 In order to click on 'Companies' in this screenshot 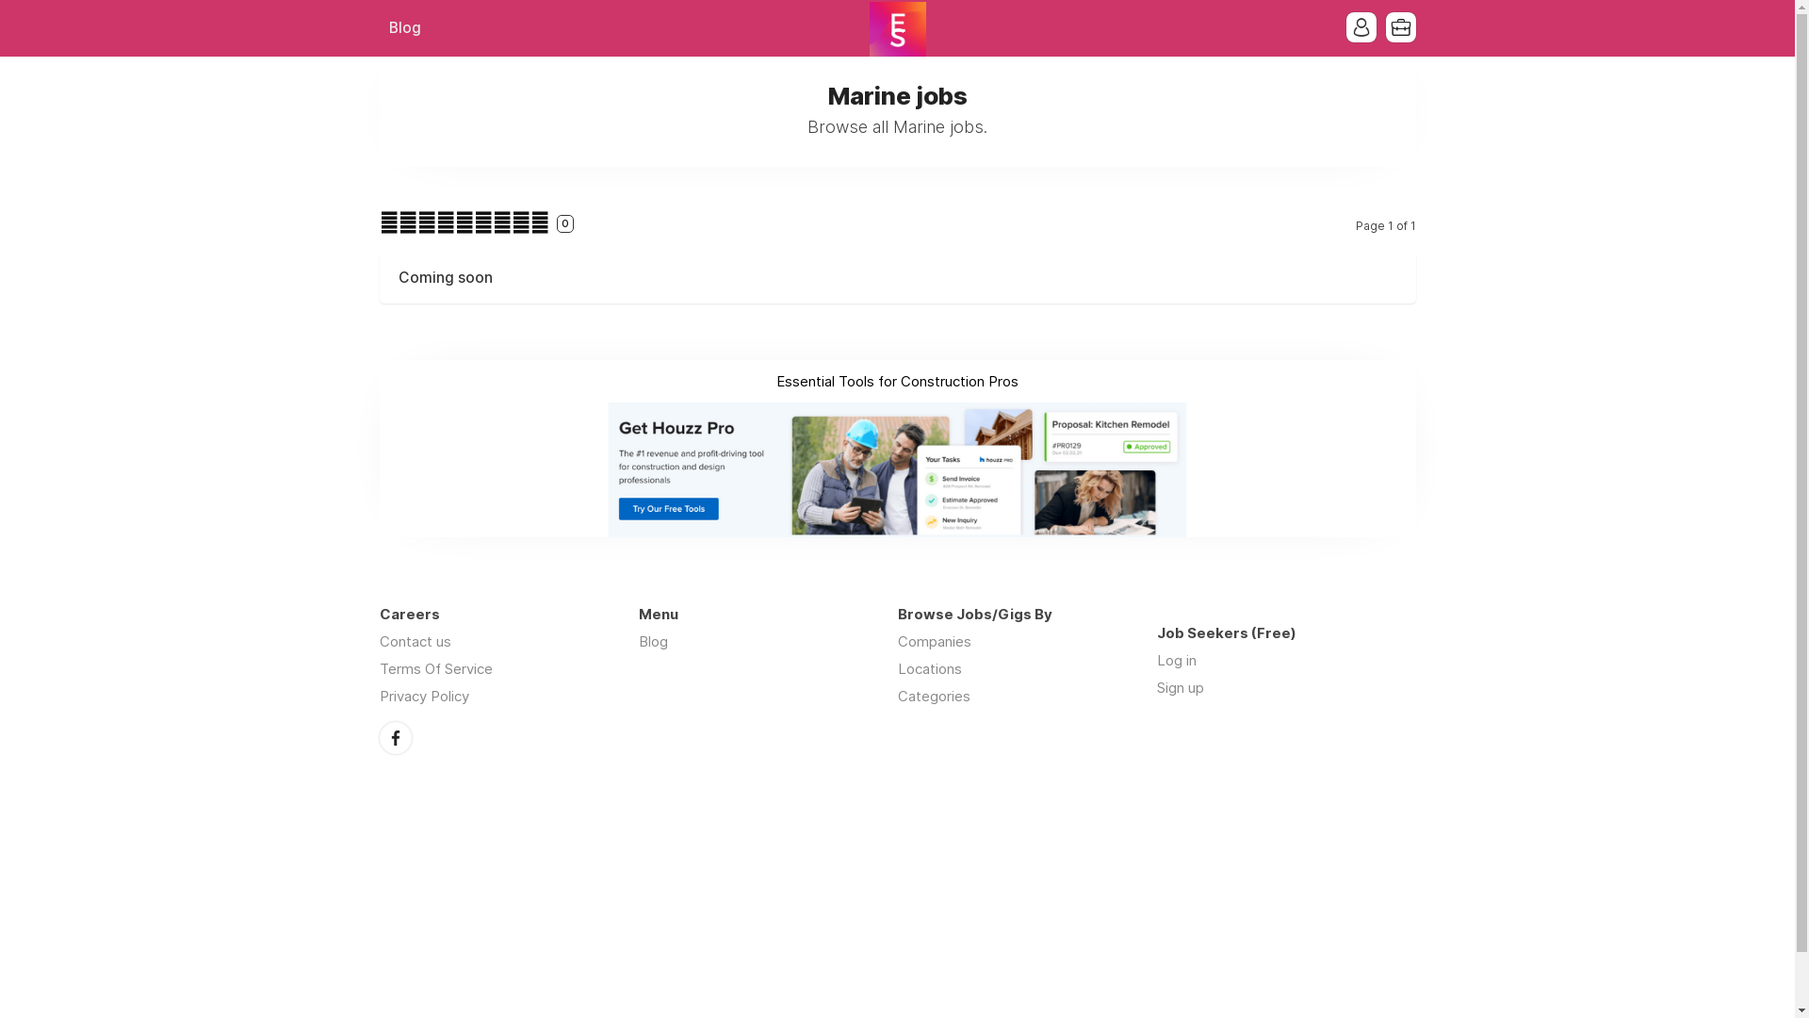, I will do `click(933, 640)`.